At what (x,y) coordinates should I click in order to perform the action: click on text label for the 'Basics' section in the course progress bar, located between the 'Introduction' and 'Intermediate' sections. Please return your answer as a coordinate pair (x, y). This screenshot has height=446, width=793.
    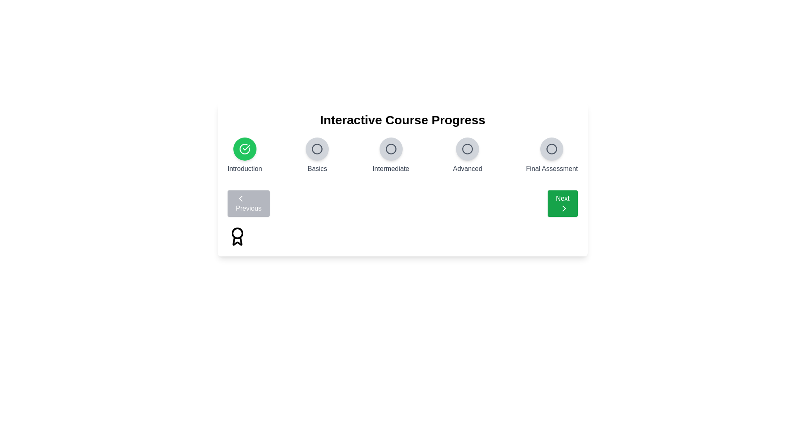
    Looking at the image, I should click on (317, 168).